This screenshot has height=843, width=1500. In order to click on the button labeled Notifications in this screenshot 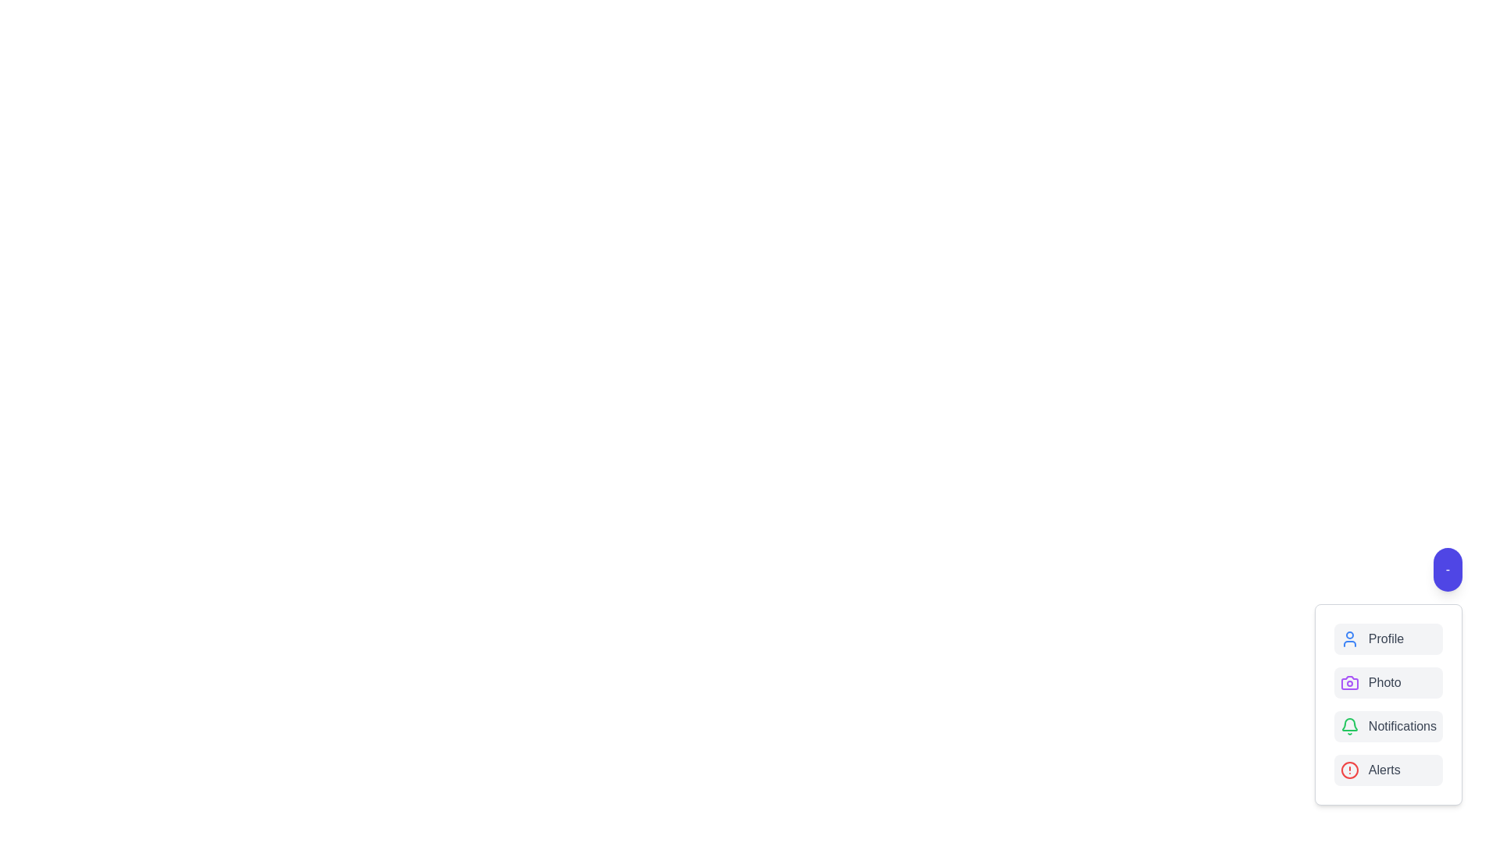, I will do `click(1387, 726)`.